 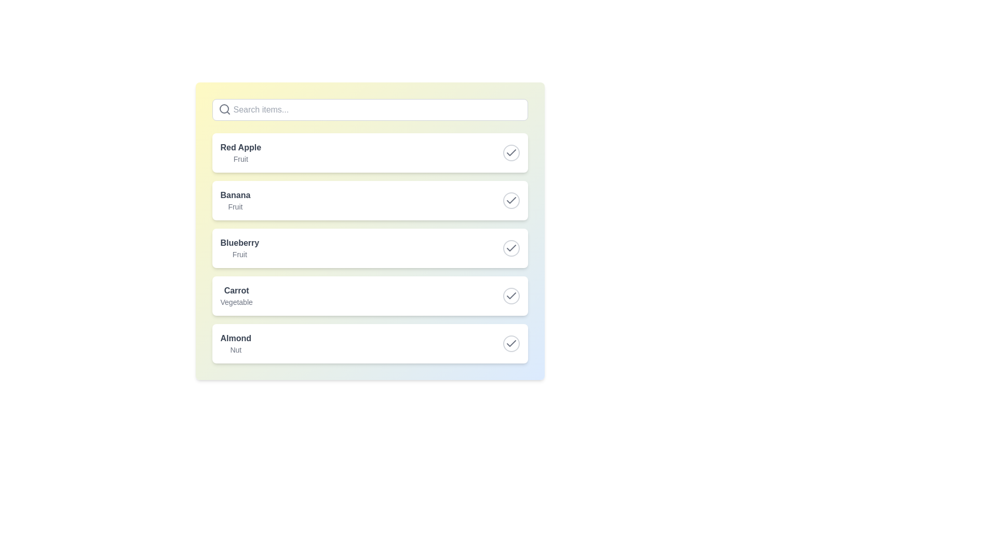 I want to click on the 'Carrot' list item, which is the fourth item in the vertical list and represents a vegetable with a selection checkmark, so click(x=370, y=296).